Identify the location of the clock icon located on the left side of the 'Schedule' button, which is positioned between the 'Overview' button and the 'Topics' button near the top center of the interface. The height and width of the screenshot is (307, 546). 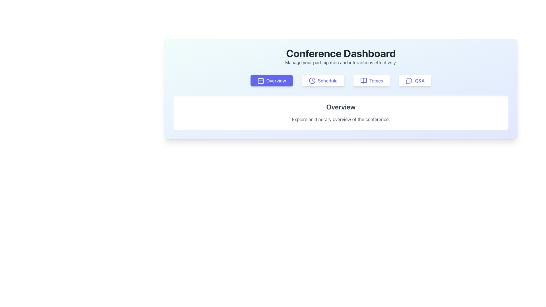
(312, 81).